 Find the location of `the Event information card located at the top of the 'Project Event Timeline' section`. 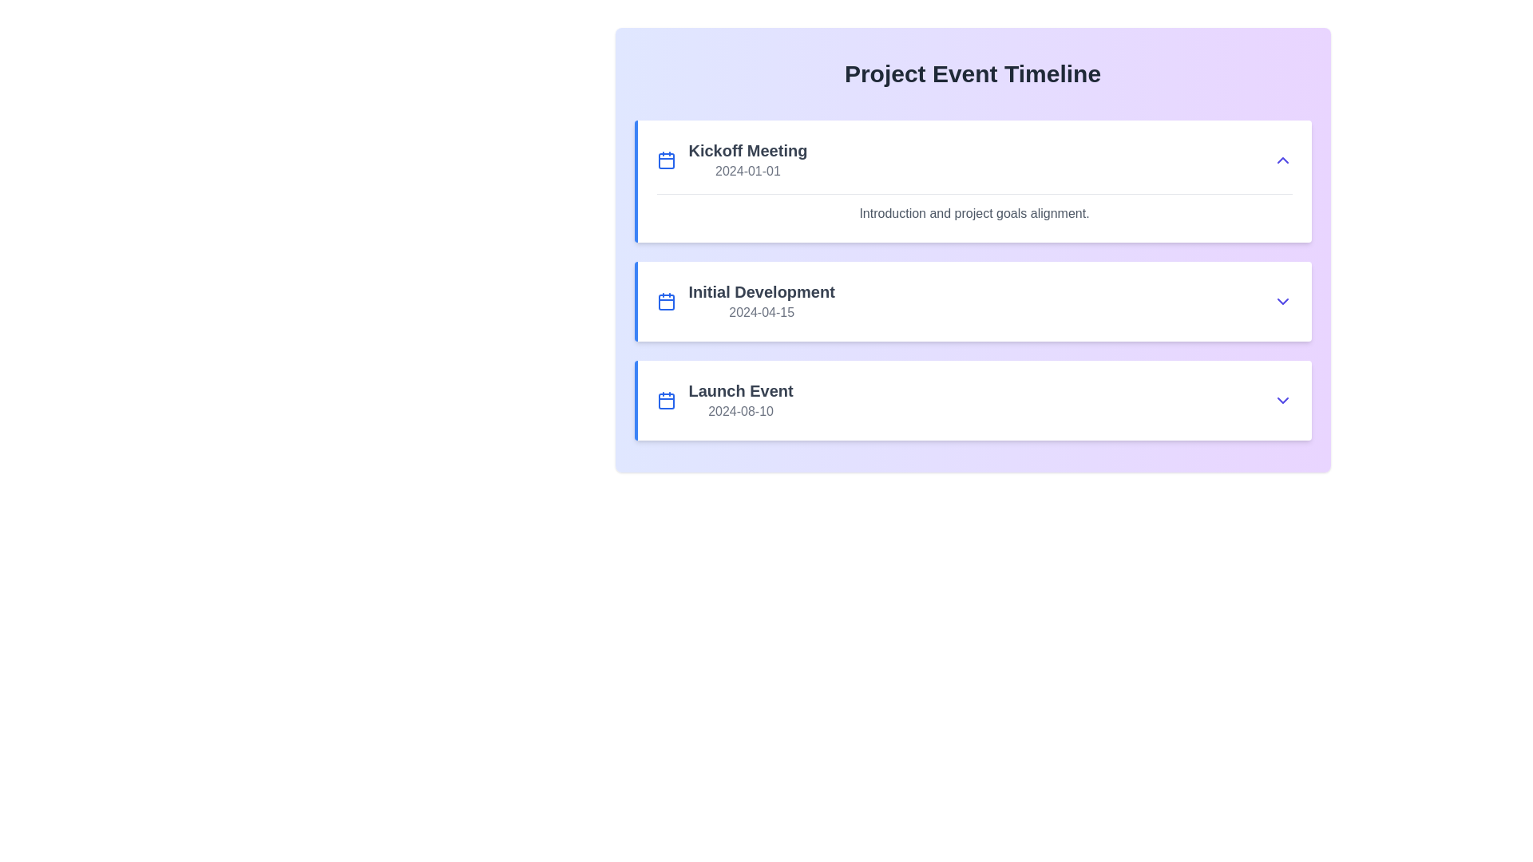

the Event information card located at the top of the 'Project Event Timeline' section is located at coordinates (972, 180).